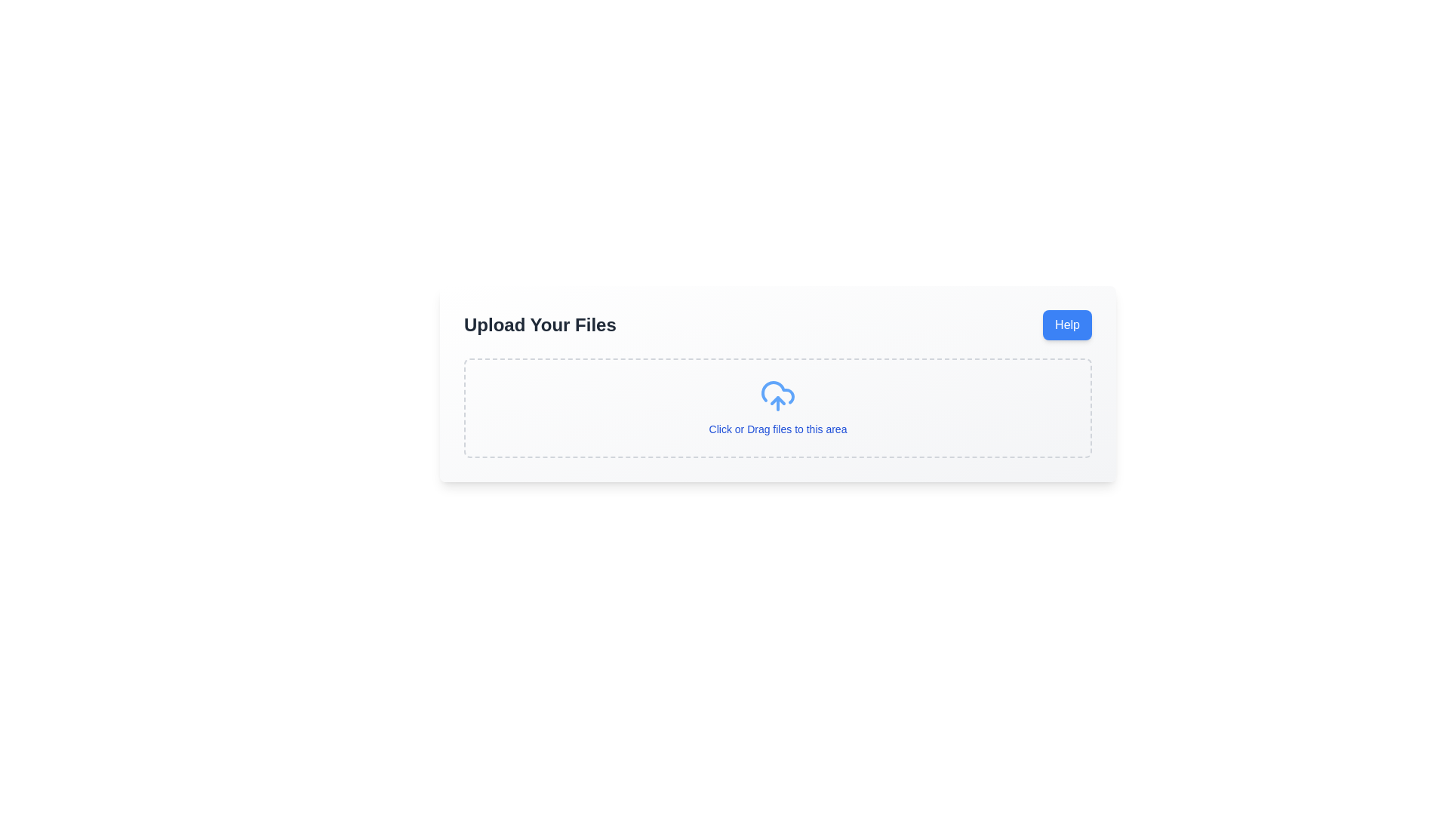  I want to click on the central textual instruction area for file upload, which is visually indicated by an associated graphic symbol and is located beneath the 'Upload Your Files' header, so click(778, 407).